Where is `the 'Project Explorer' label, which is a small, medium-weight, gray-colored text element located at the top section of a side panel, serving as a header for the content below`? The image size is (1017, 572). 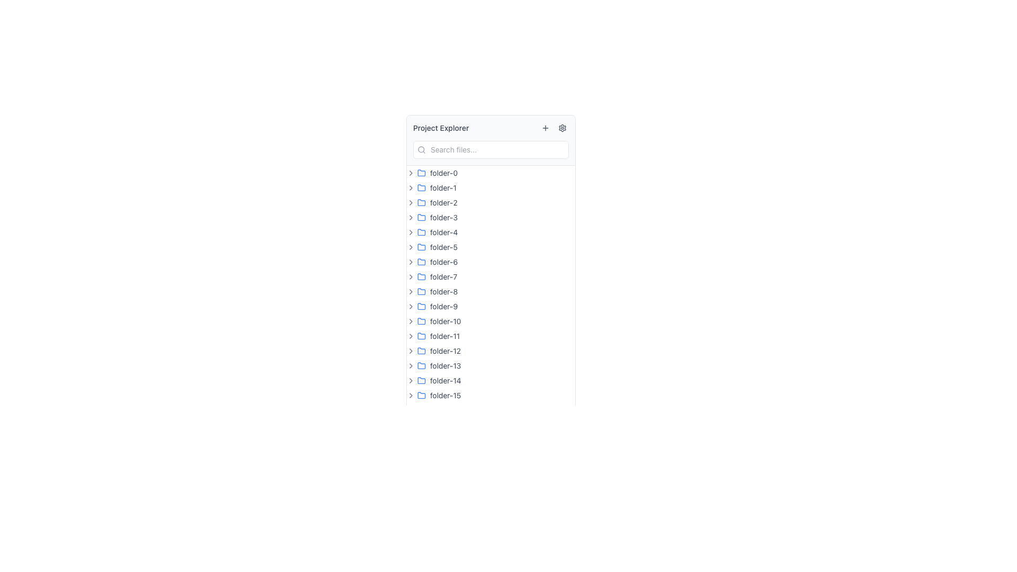
the 'Project Explorer' label, which is a small, medium-weight, gray-colored text element located at the top section of a side panel, serving as a header for the content below is located at coordinates (441, 128).